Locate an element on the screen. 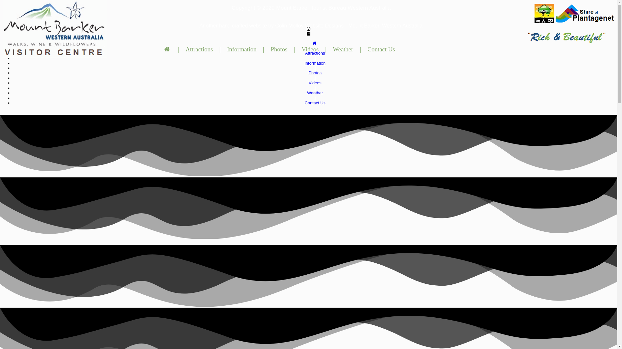  '|' is located at coordinates (220, 49).